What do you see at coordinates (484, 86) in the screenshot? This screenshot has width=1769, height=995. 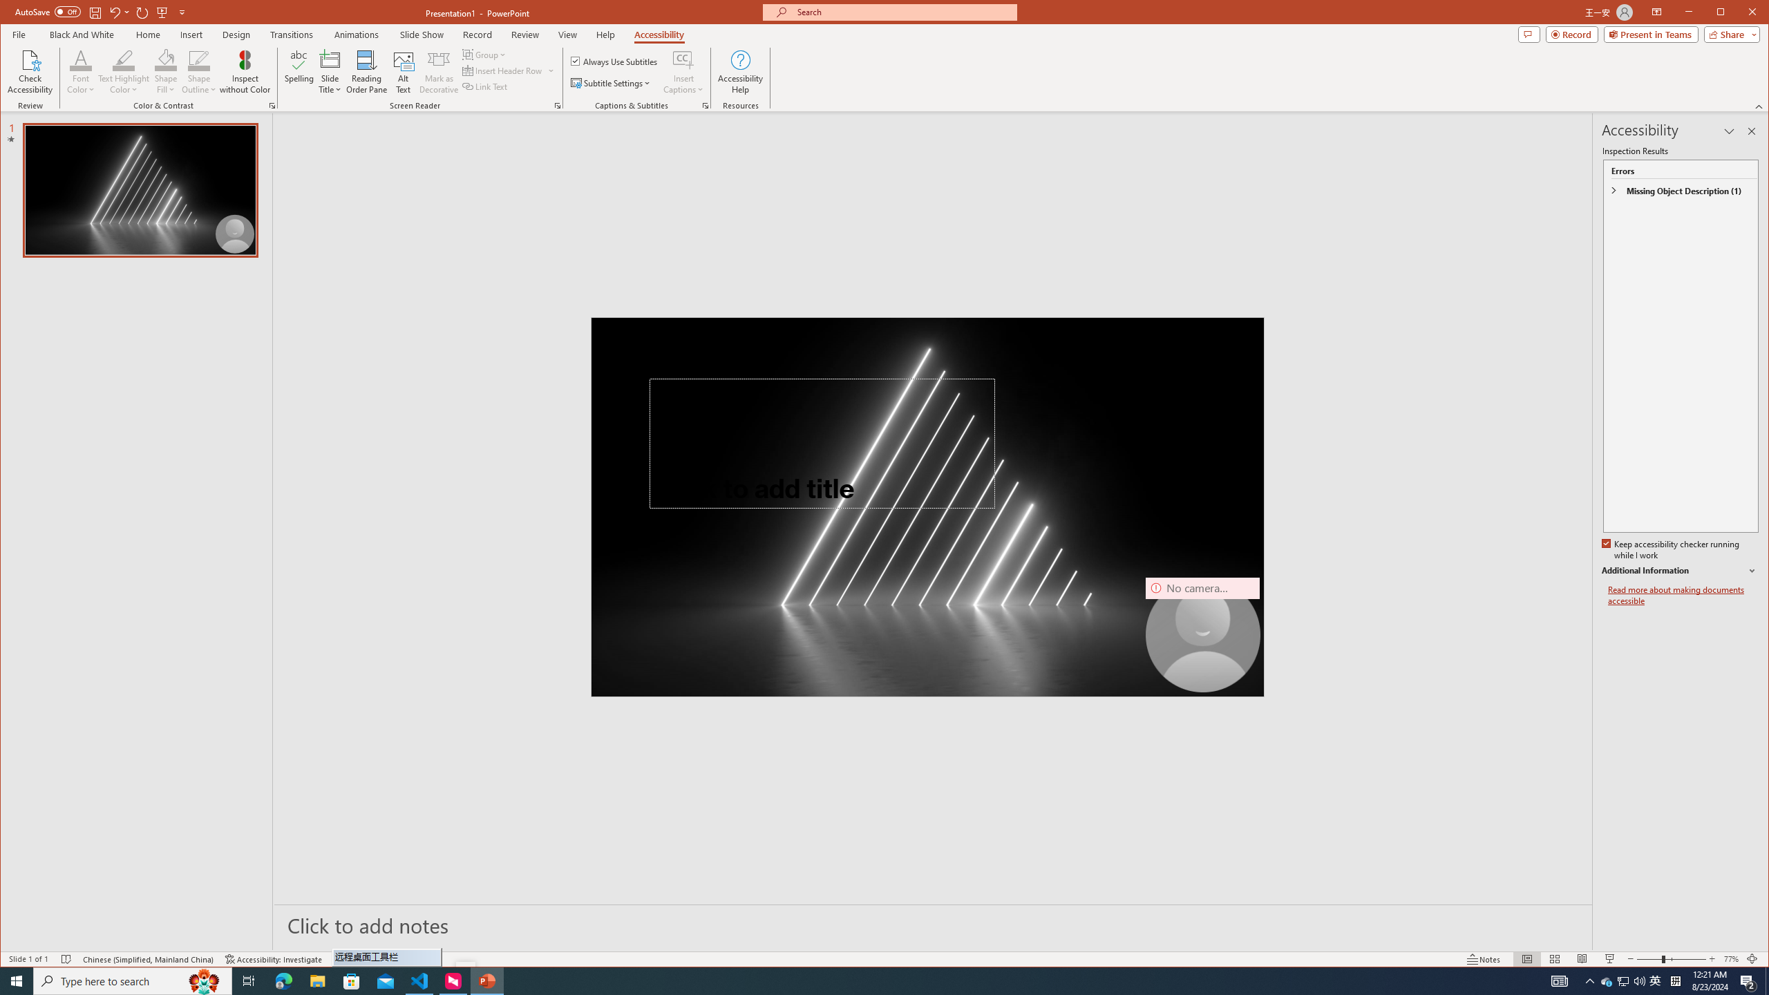 I see `'Link Text'` at bounding box center [484, 86].